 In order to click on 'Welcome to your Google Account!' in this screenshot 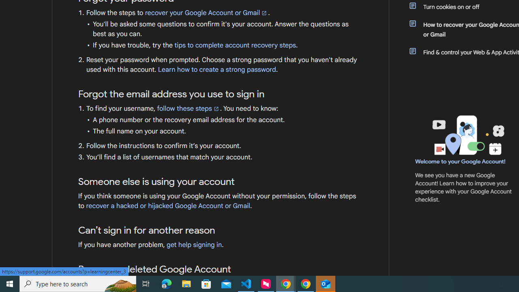, I will do `click(460, 161)`.